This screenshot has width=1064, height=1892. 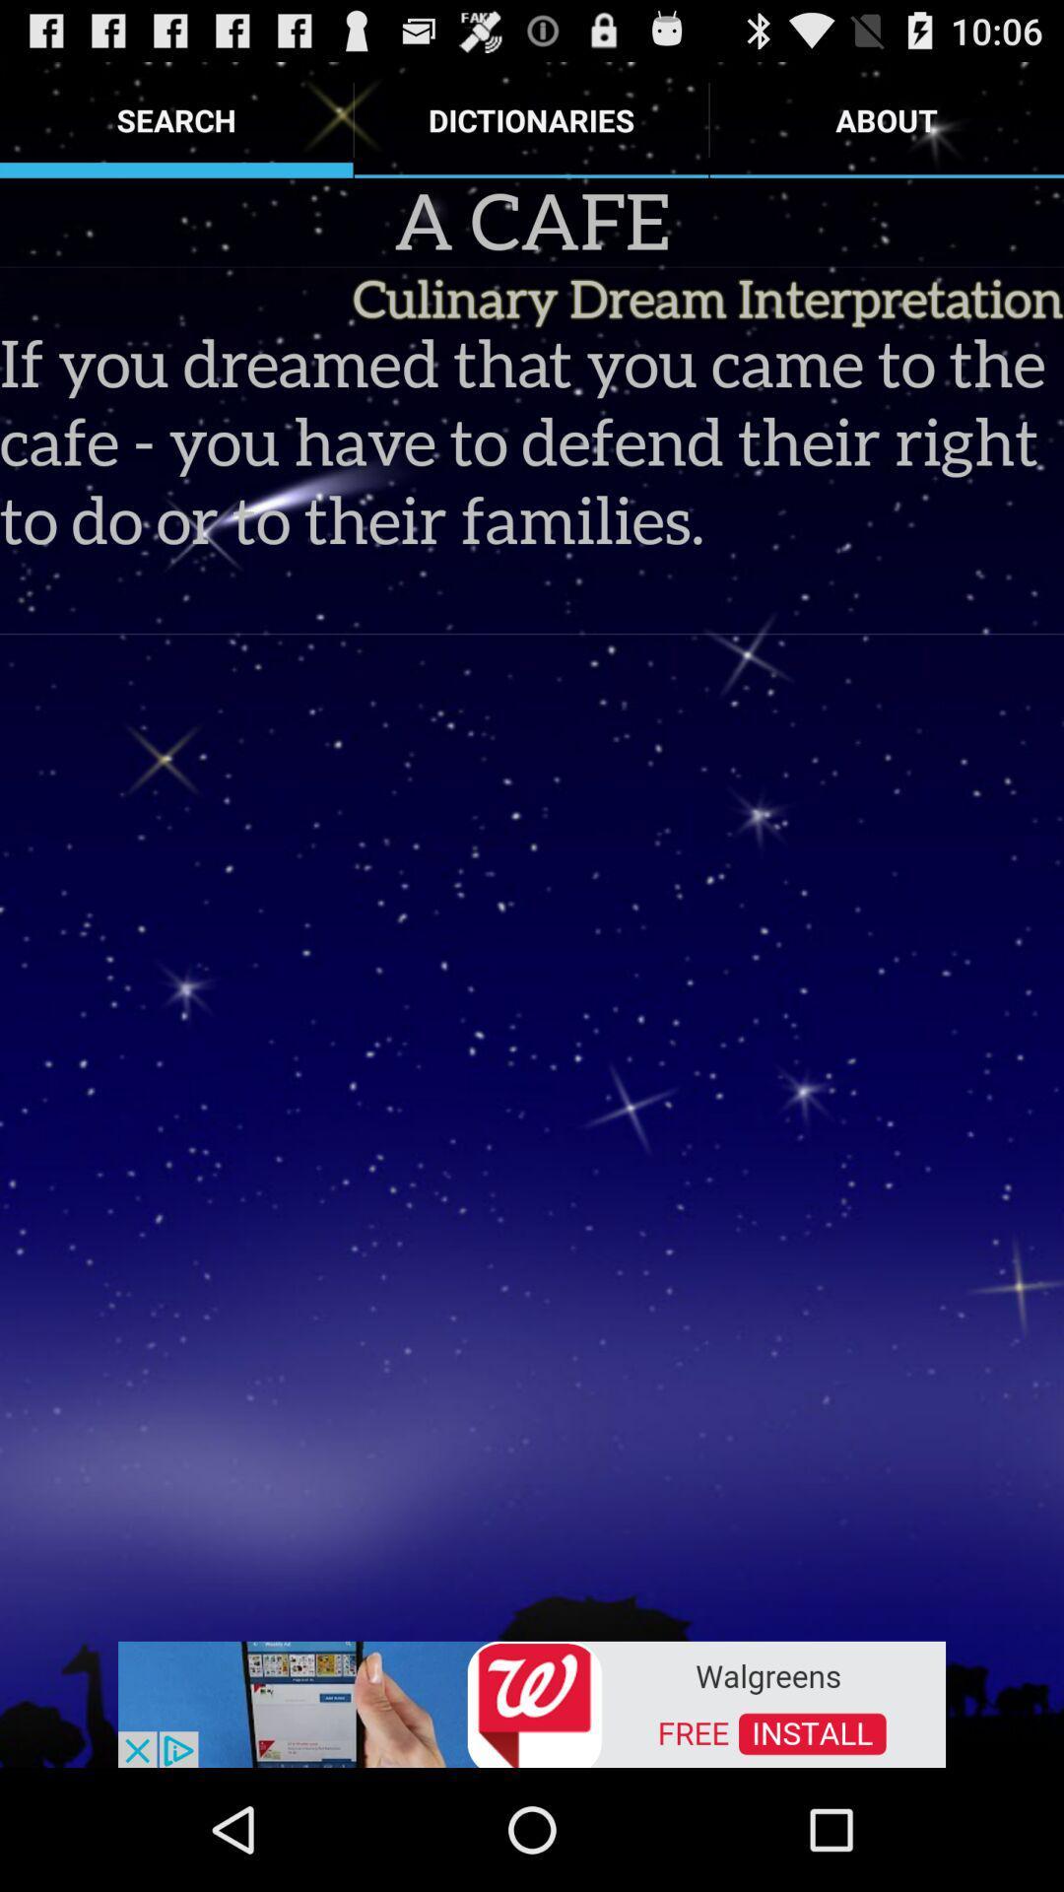 What do you see at coordinates (532, 1702) in the screenshot?
I see `follow the banner` at bounding box center [532, 1702].